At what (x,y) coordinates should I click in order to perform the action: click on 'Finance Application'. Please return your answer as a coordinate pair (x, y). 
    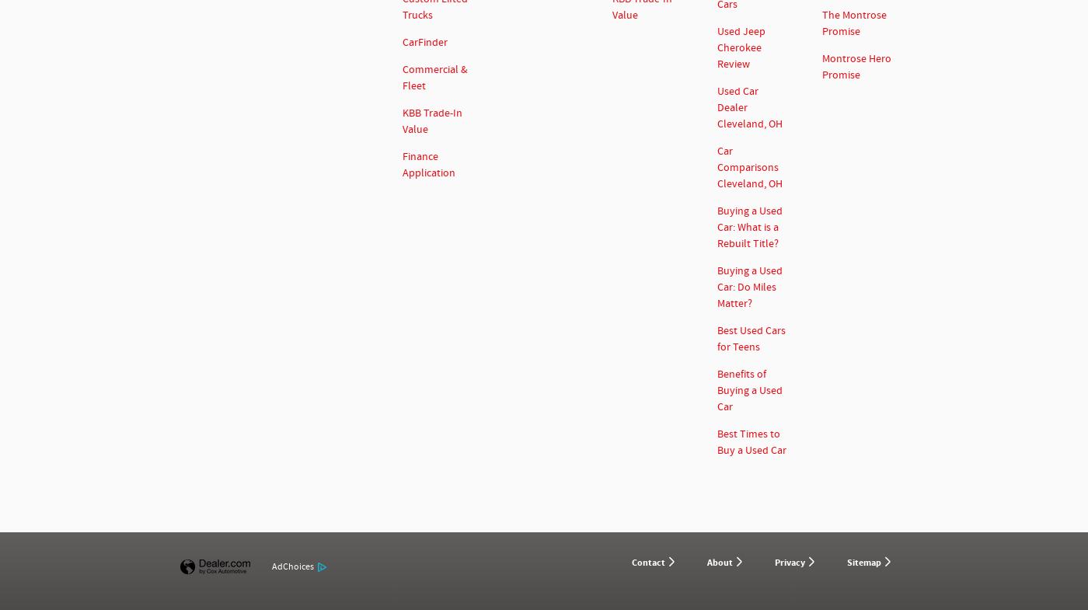
    Looking at the image, I should click on (429, 164).